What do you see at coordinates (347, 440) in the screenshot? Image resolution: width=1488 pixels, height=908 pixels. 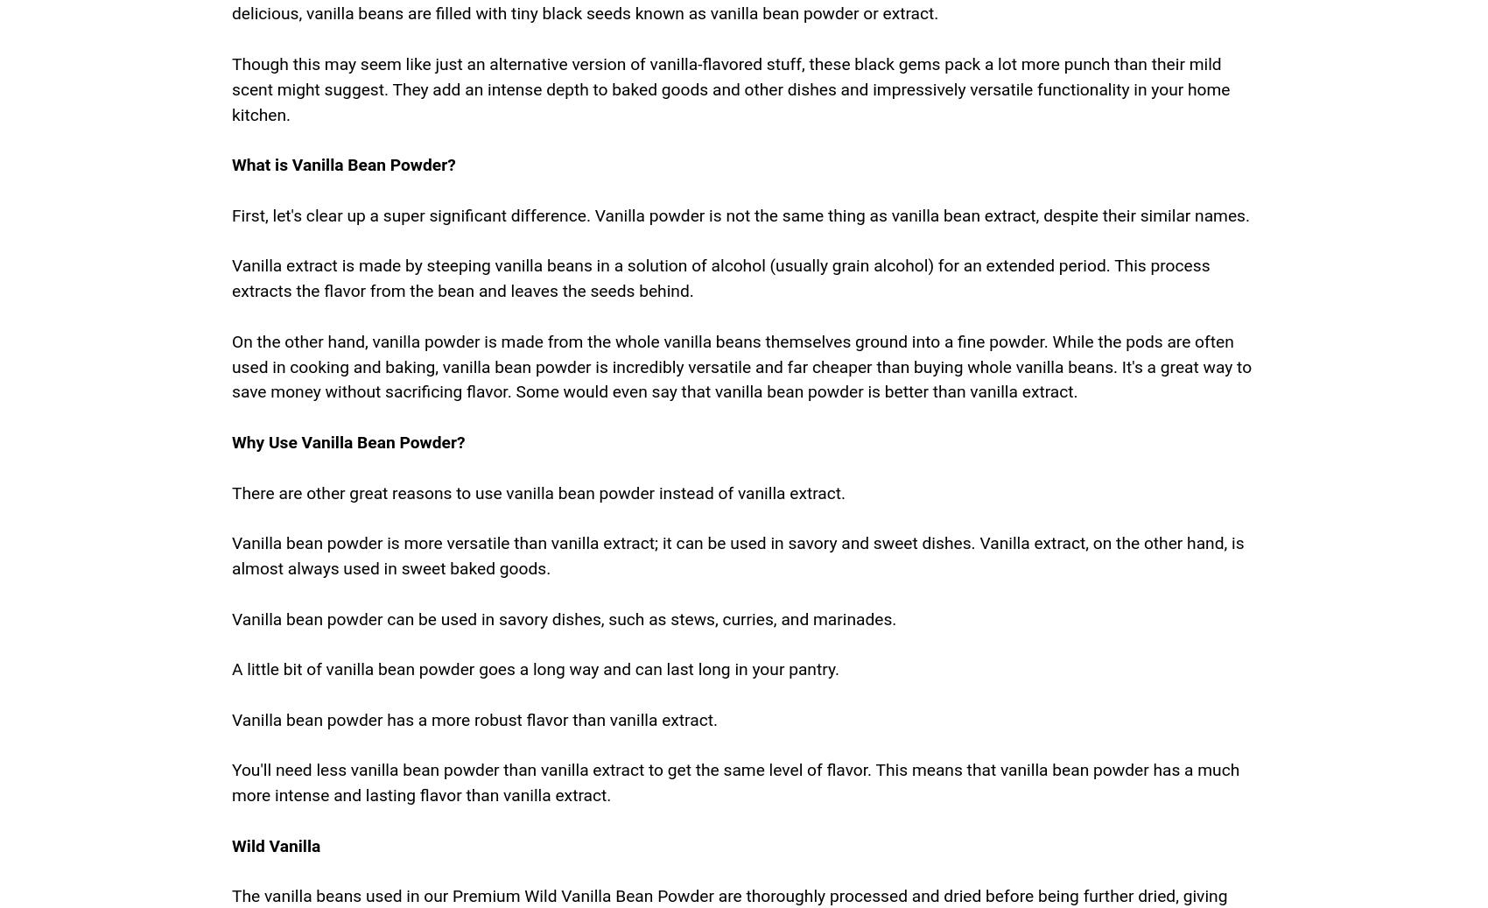 I see `'Why Use Vanilla Bean Powder?'` at bounding box center [347, 440].